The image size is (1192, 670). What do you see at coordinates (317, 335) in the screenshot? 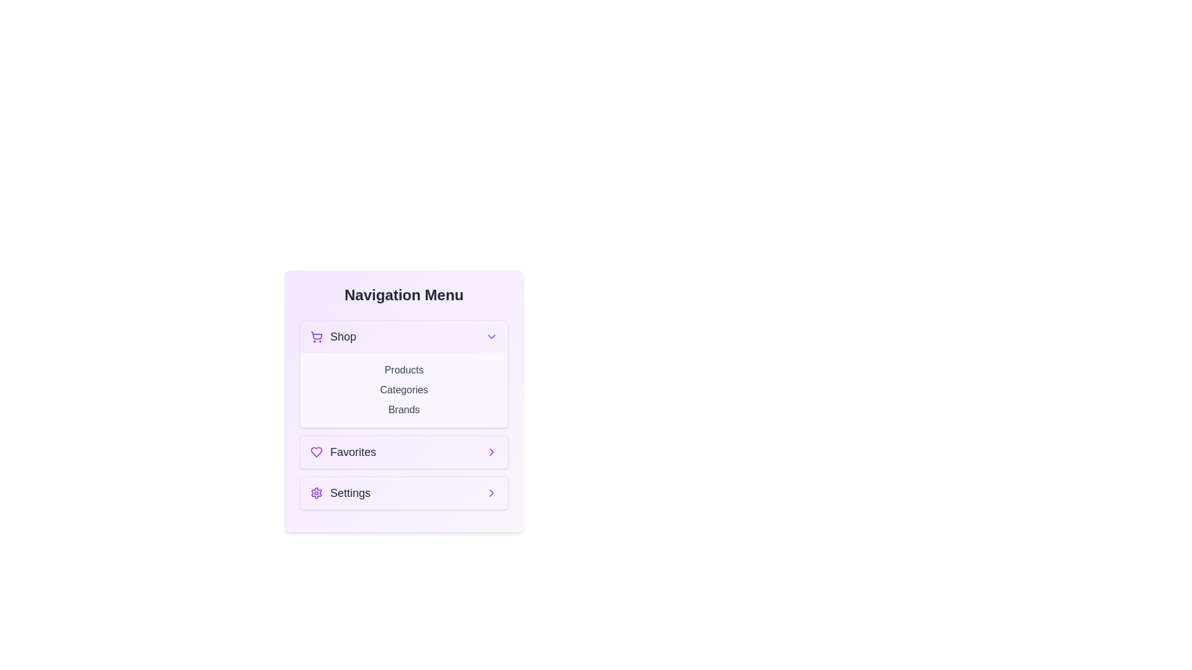
I see `SVG structure of the shopping cart icon with a bold purple outline located in the navigation area near the 'Shop' label` at bounding box center [317, 335].